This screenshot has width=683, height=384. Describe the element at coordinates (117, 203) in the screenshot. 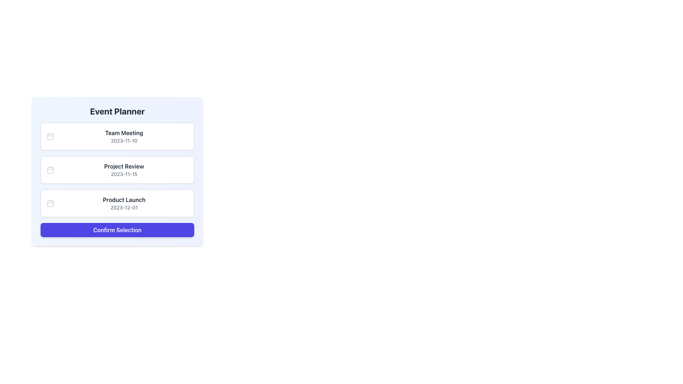

I see `the third selectable card in the 'Event Planner' subsection` at that location.